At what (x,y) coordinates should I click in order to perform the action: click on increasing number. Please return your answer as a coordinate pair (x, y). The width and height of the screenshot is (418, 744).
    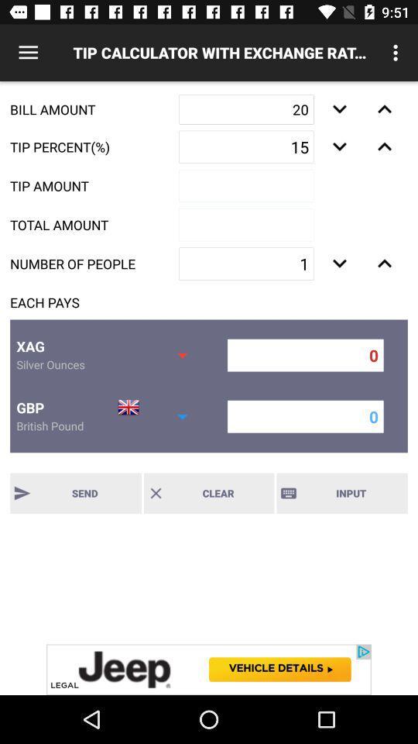
    Looking at the image, I should click on (338, 263).